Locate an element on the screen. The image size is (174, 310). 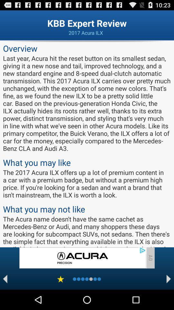
backword is located at coordinates (5, 279).